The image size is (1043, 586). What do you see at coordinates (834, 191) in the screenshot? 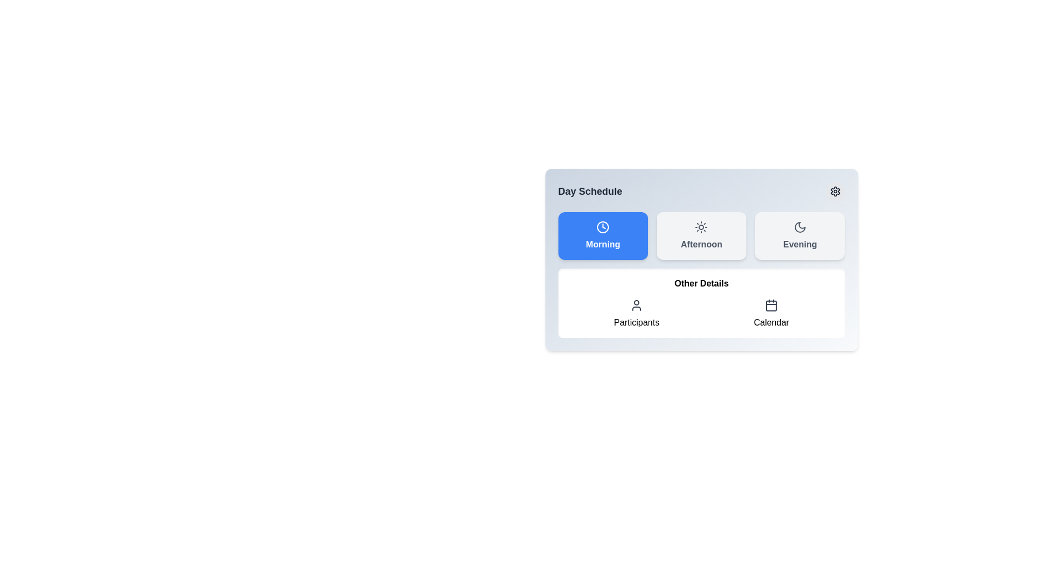
I see `the gear icon located in the top-right corner of the 'Day Schedule' panel` at bounding box center [834, 191].